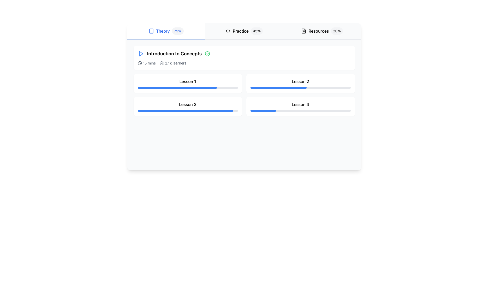  What do you see at coordinates (228, 31) in the screenshot?
I see `the code symbol icon in the 'Practice45%' tab, which is located to the far left of the section, preceding the text 'Practice' and the percentage indicator '45%.'` at bounding box center [228, 31].